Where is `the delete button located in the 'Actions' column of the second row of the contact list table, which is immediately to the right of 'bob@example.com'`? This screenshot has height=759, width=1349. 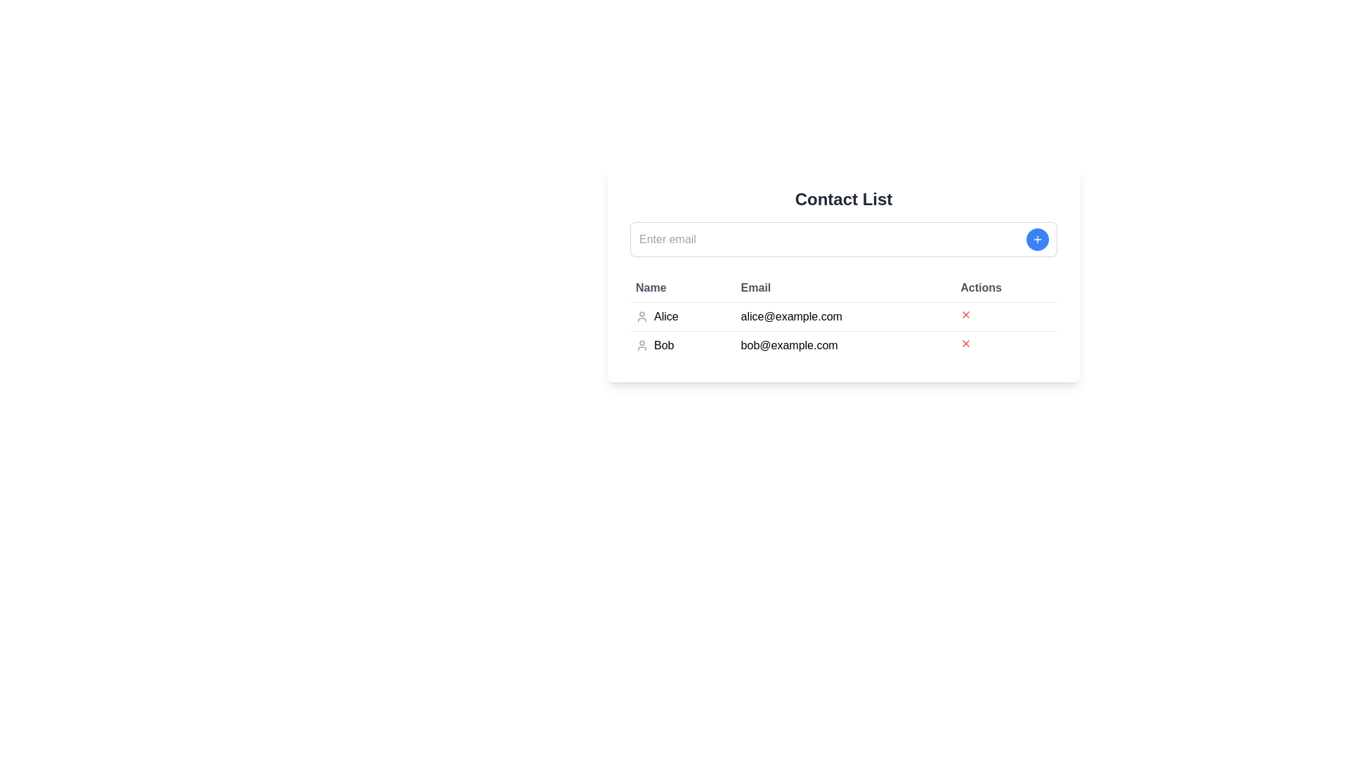 the delete button located in the 'Actions' column of the second row of the contact list table, which is immediately to the right of 'bob@example.com' is located at coordinates (1005, 345).